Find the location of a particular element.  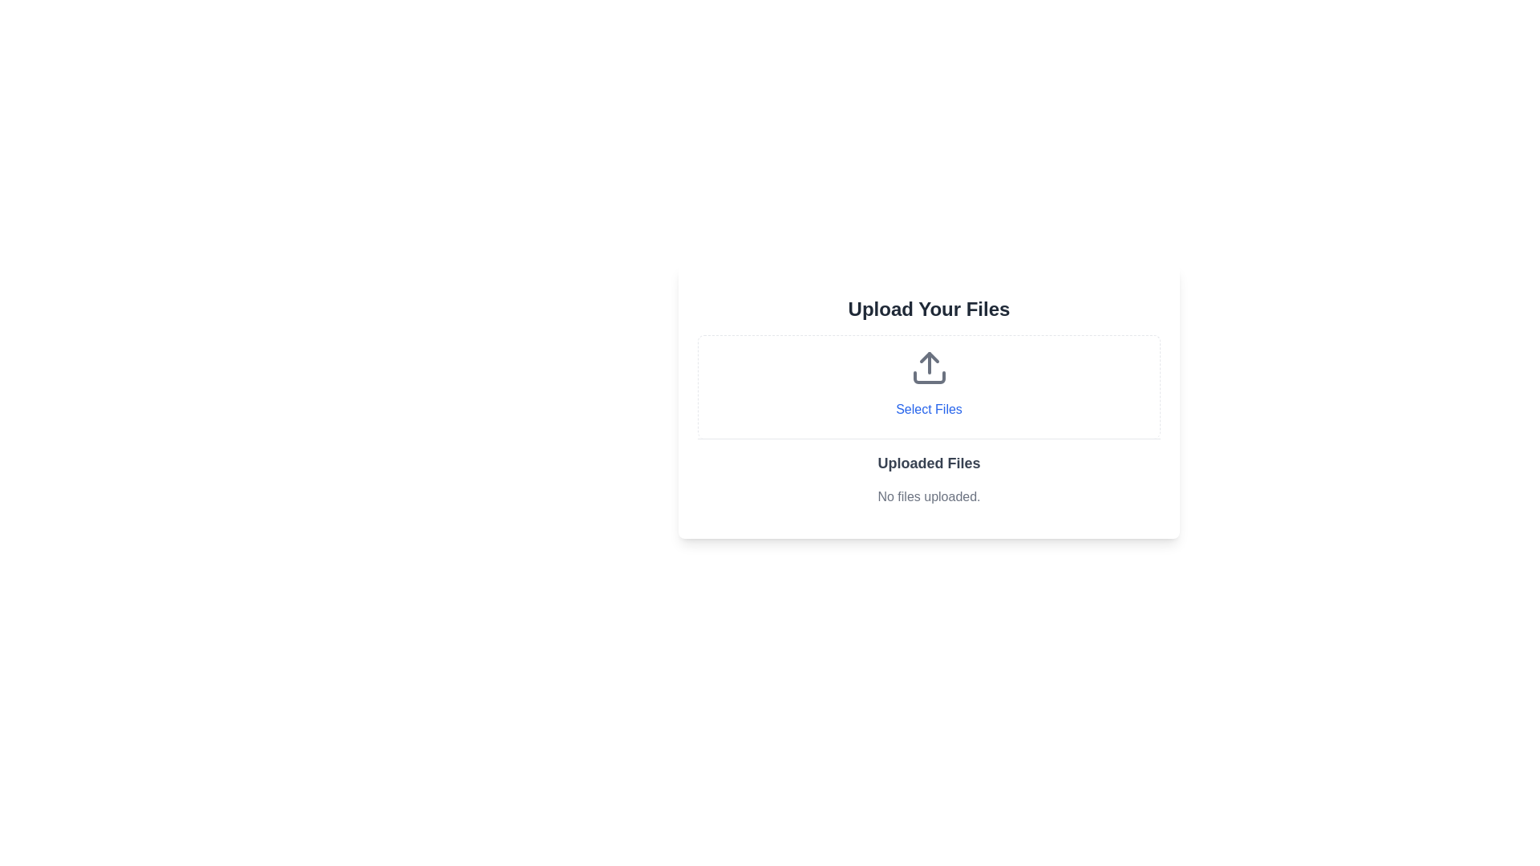

the text label that serves as a heading for the section listing uploaded files, which is positioned above the line of text that reads 'No files uploaded.' is located at coordinates (929, 463).